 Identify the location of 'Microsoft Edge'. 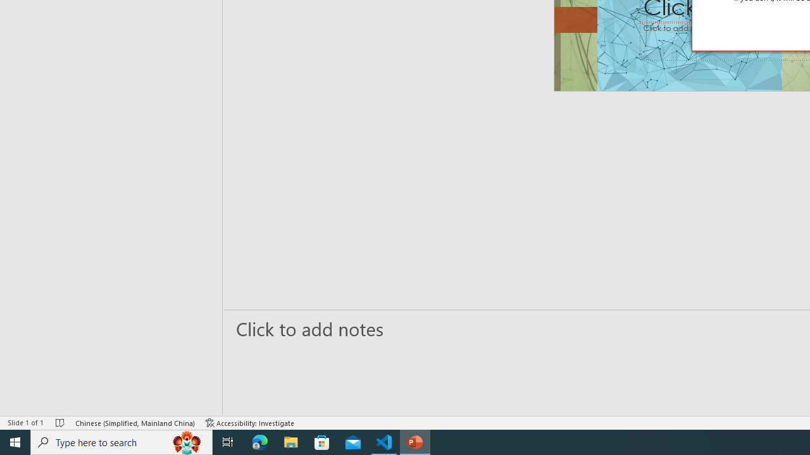
(259, 441).